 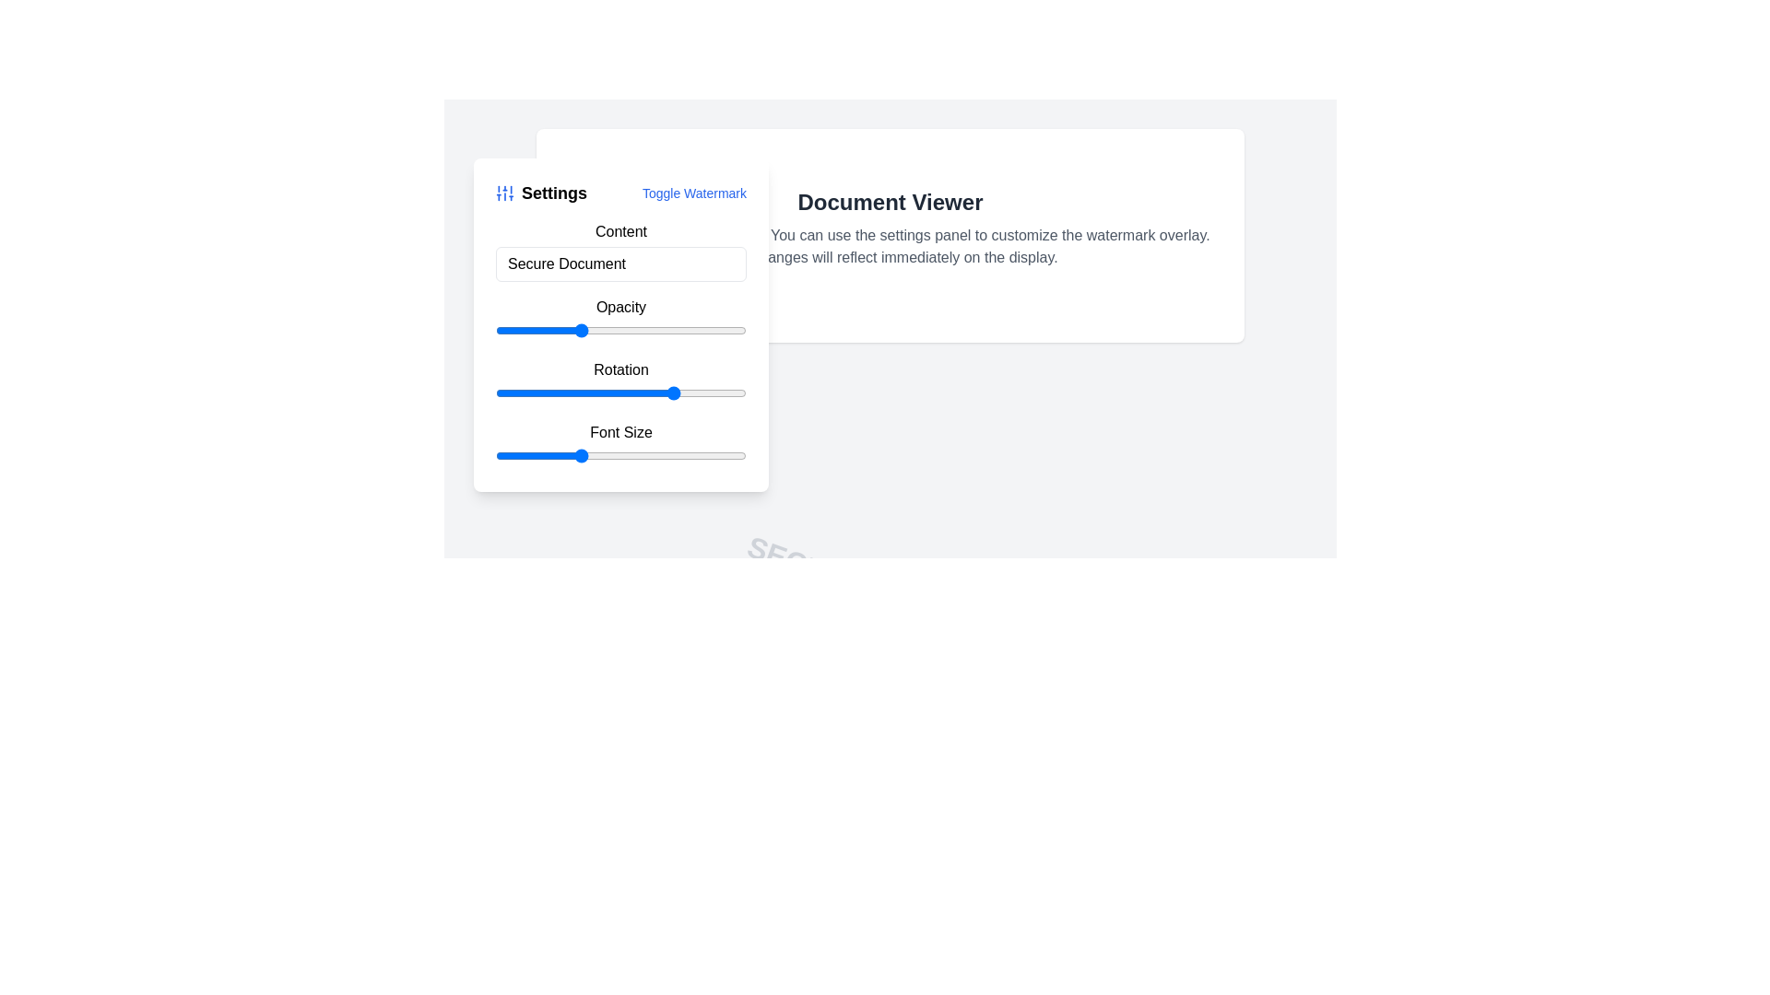 What do you see at coordinates (542, 455) in the screenshot?
I see `the font size slider` at bounding box center [542, 455].